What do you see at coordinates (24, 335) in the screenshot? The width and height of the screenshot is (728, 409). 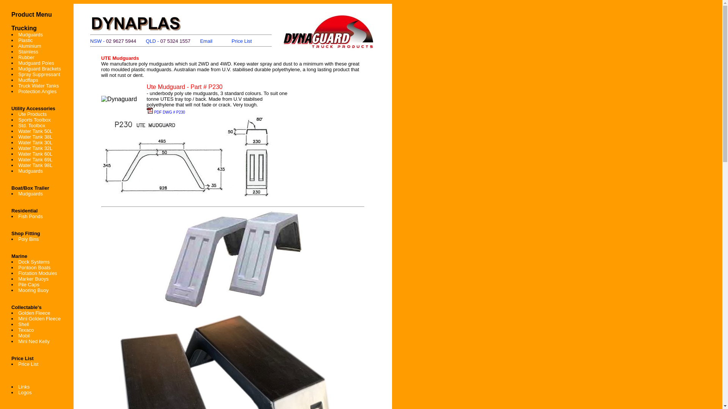 I see `'Mobil'` at bounding box center [24, 335].